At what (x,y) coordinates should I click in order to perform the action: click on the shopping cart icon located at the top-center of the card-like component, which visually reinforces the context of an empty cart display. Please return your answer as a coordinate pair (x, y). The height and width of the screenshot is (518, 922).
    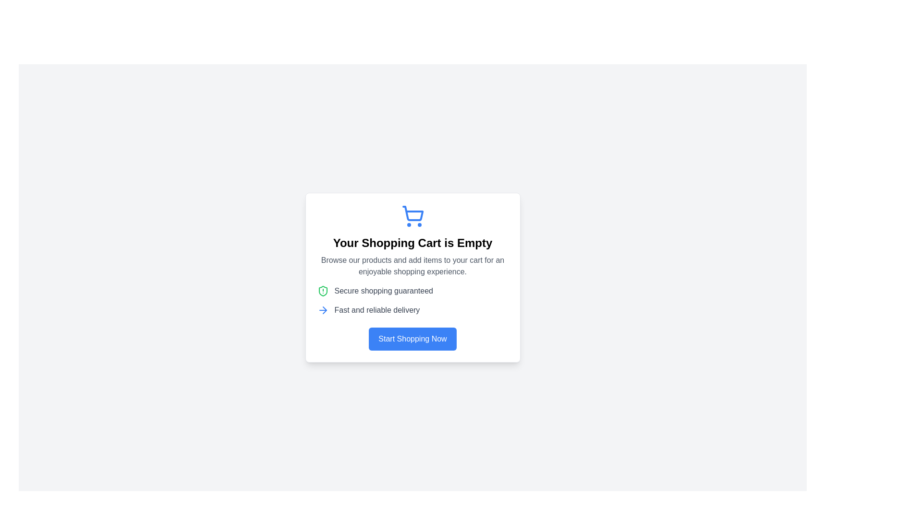
    Looking at the image, I should click on (412, 216).